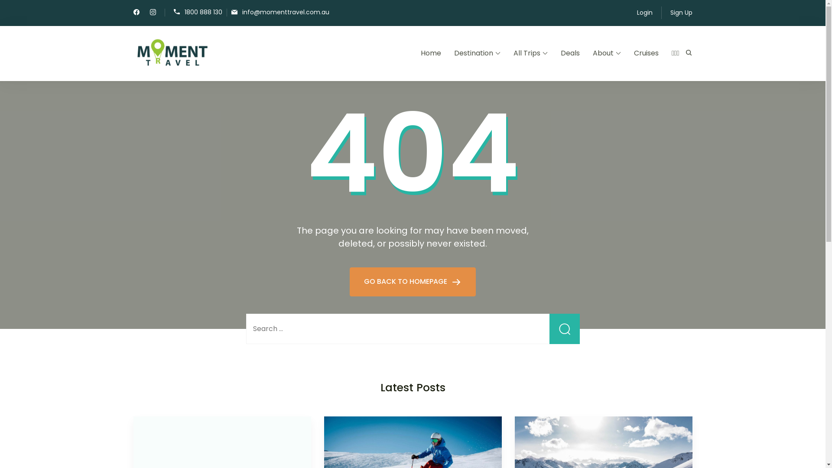 The width and height of the screenshot is (832, 468). Describe the element at coordinates (513, 53) in the screenshot. I see `'All Trips'` at that location.